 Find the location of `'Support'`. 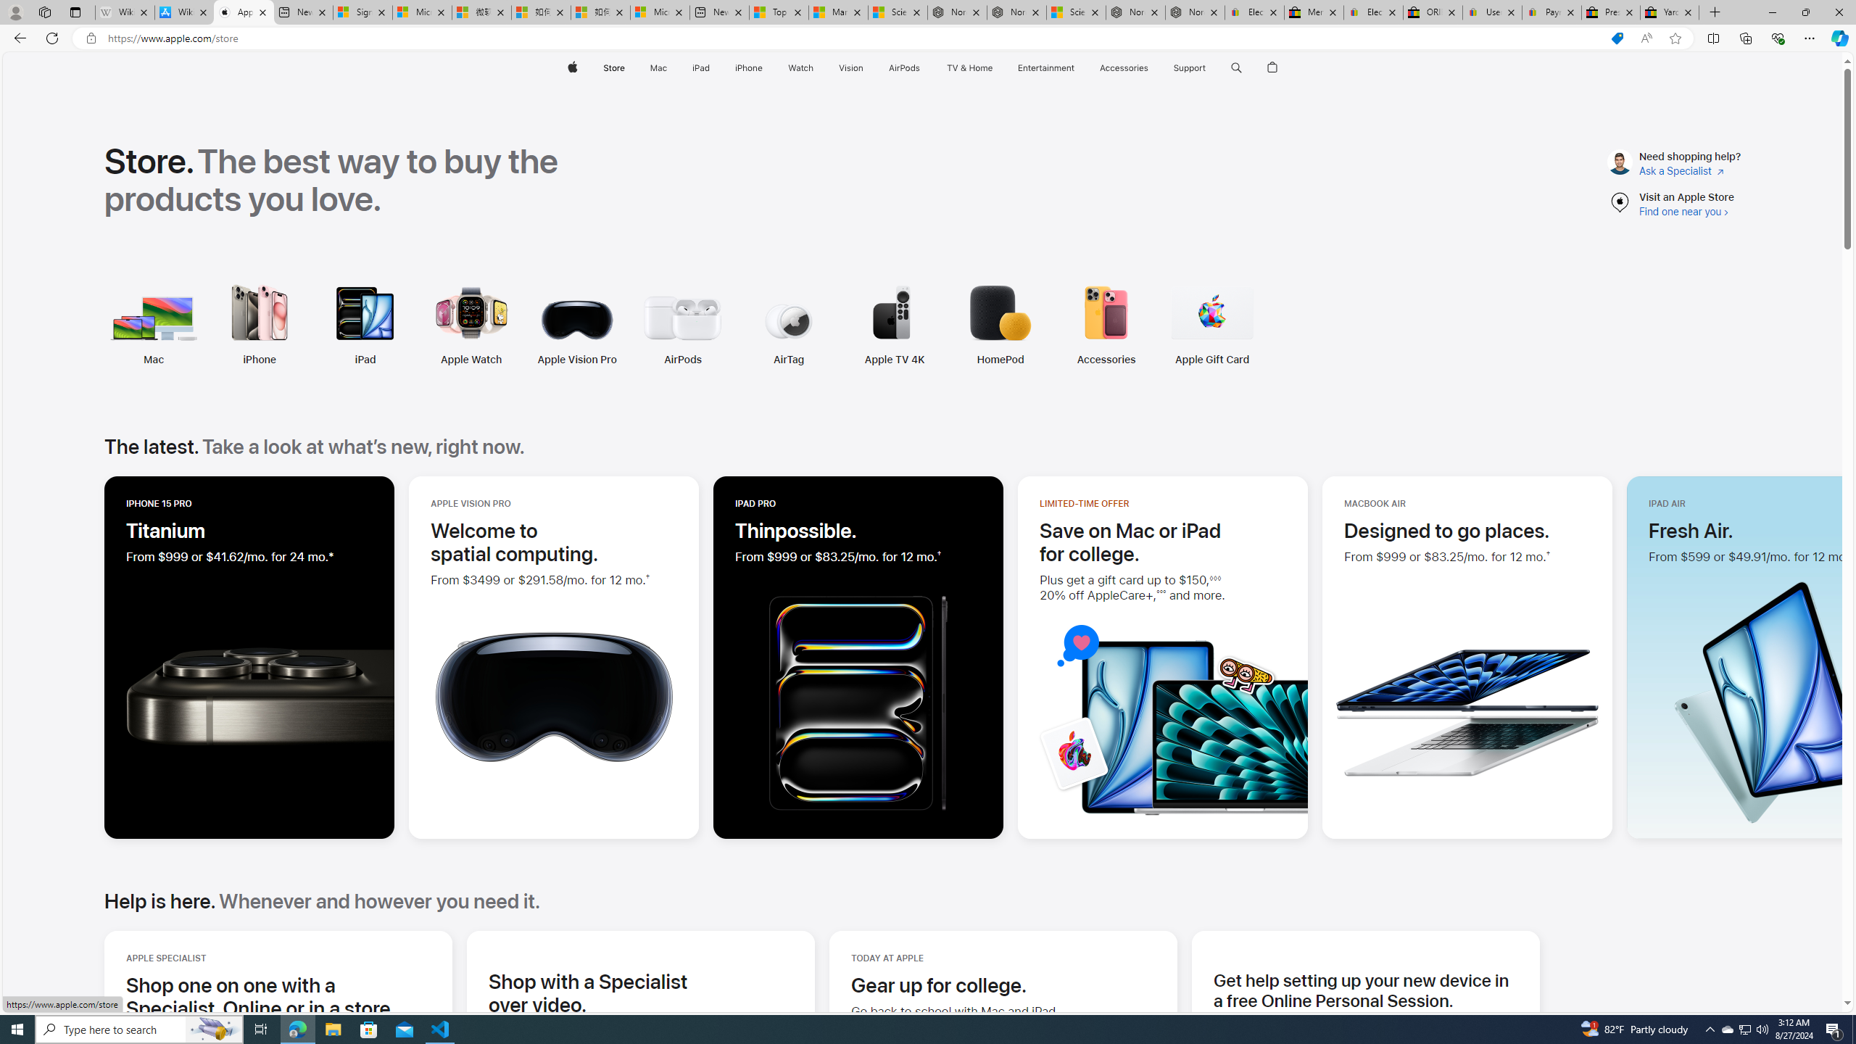

'Support' is located at coordinates (1188, 67).